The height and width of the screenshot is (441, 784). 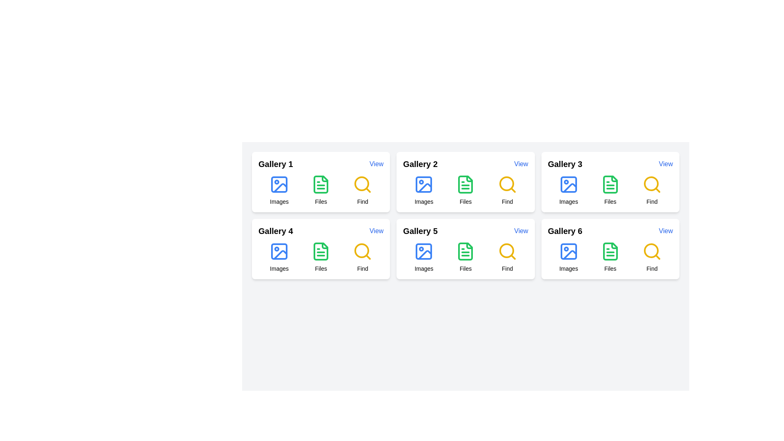 What do you see at coordinates (321, 269) in the screenshot?
I see `the descriptive text label for the 'Files' section located beneath the file icon within the 'Gallery 4' card, positioned centrally below the icon` at bounding box center [321, 269].